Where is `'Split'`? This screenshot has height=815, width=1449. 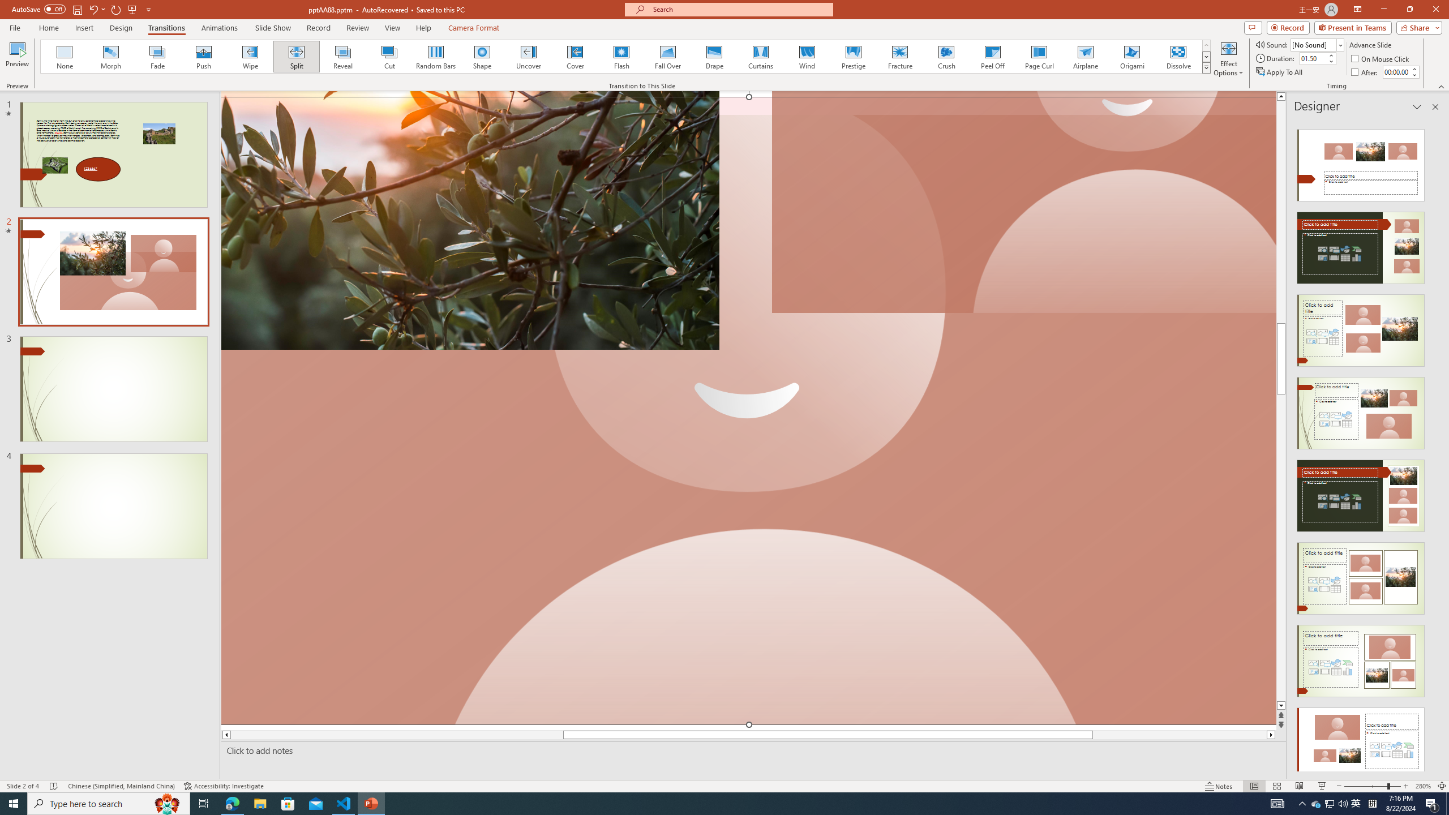 'Split' is located at coordinates (296, 56).